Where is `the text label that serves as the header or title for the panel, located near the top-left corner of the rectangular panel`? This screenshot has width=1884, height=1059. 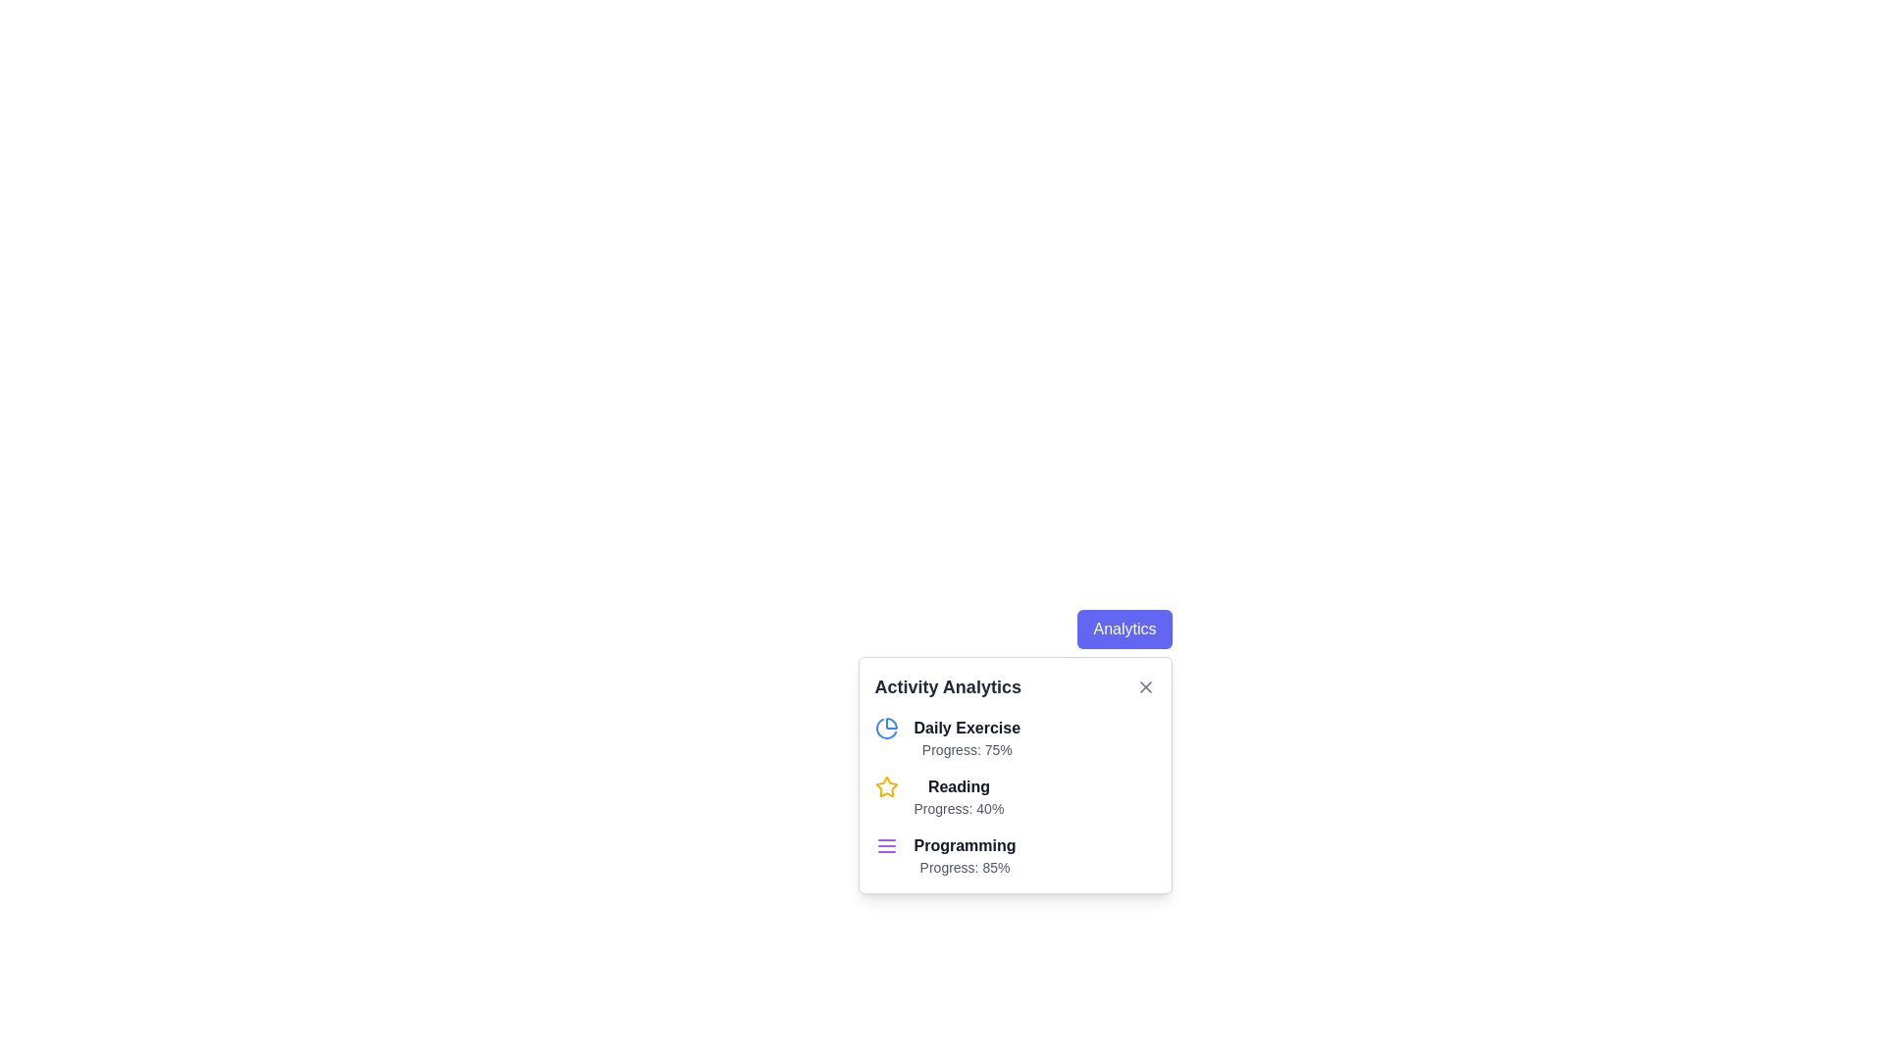
the text label that serves as the header or title for the panel, located near the top-left corner of the rectangular panel is located at coordinates (948, 686).